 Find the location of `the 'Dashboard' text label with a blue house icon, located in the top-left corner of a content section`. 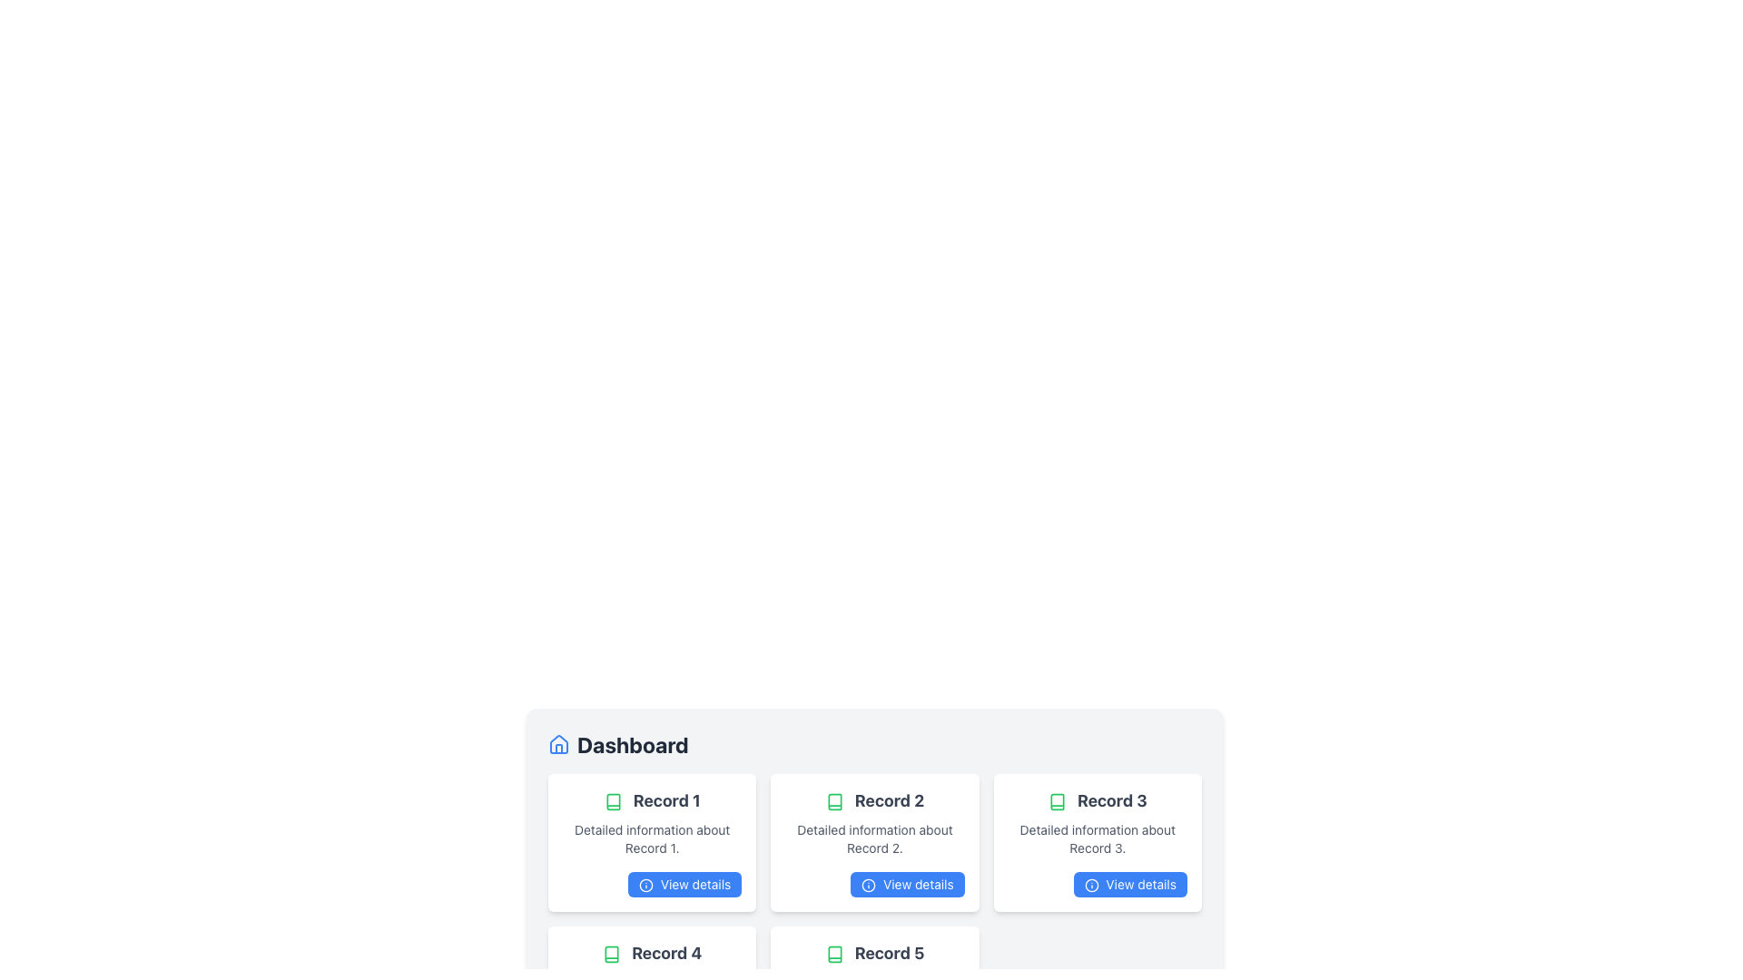

the 'Dashboard' text label with a blue house icon, located in the top-left corner of a content section is located at coordinates (618, 745).